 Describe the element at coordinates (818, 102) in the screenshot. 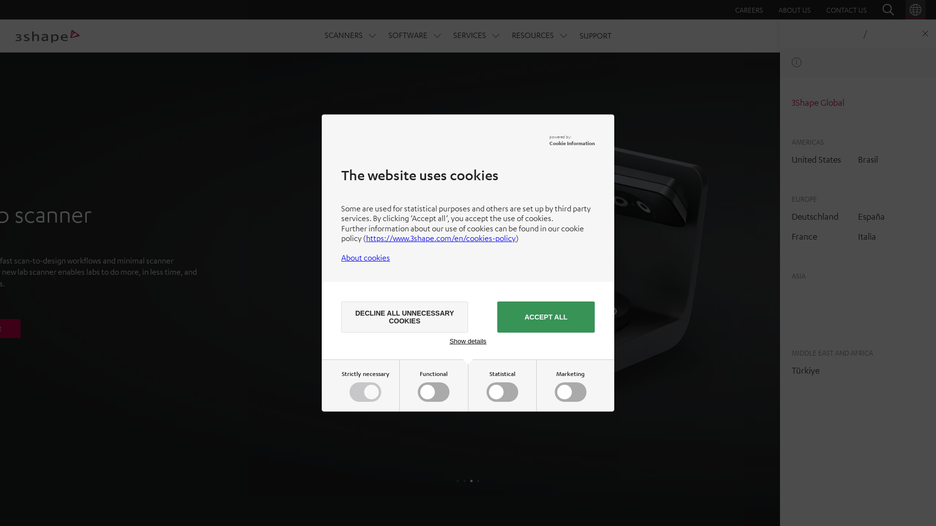

I see `'3Shape Global'` at that location.